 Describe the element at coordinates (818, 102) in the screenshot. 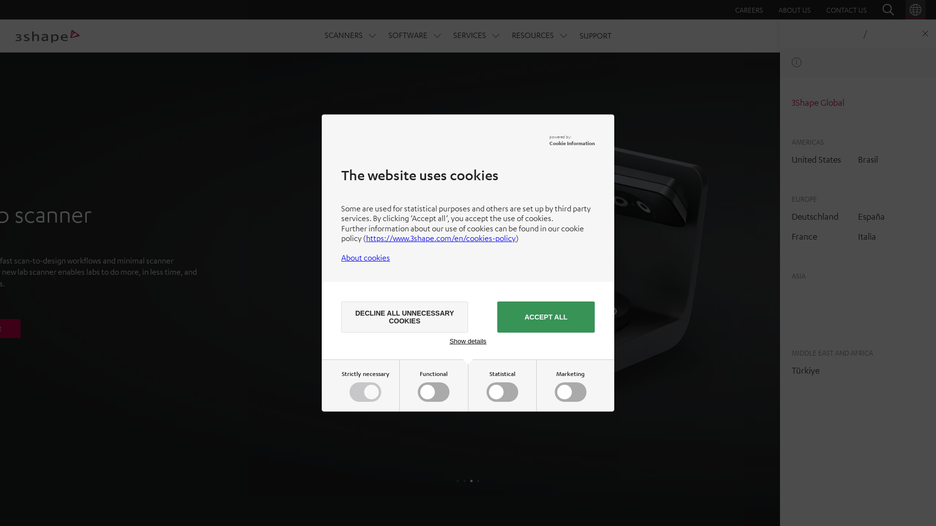

I see `'3Shape Global'` at that location.